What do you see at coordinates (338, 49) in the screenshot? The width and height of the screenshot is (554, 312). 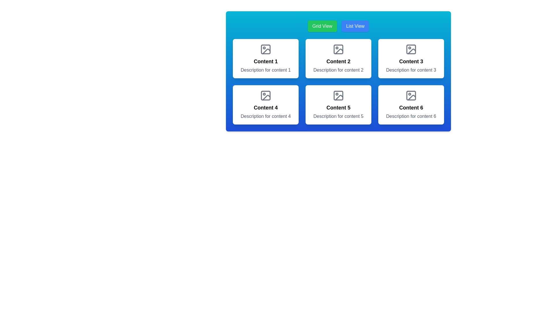 I see `the image icon located in the second content card of the top row, which contains a decorative shape in the upper left corner` at bounding box center [338, 49].